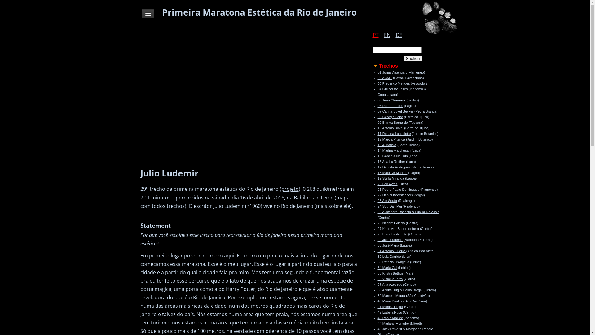 The image size is (595, 335). Describe the element at coordinates (393, 323) in the screenshot. I see `'44 Mariane Monteiro'` at that location.